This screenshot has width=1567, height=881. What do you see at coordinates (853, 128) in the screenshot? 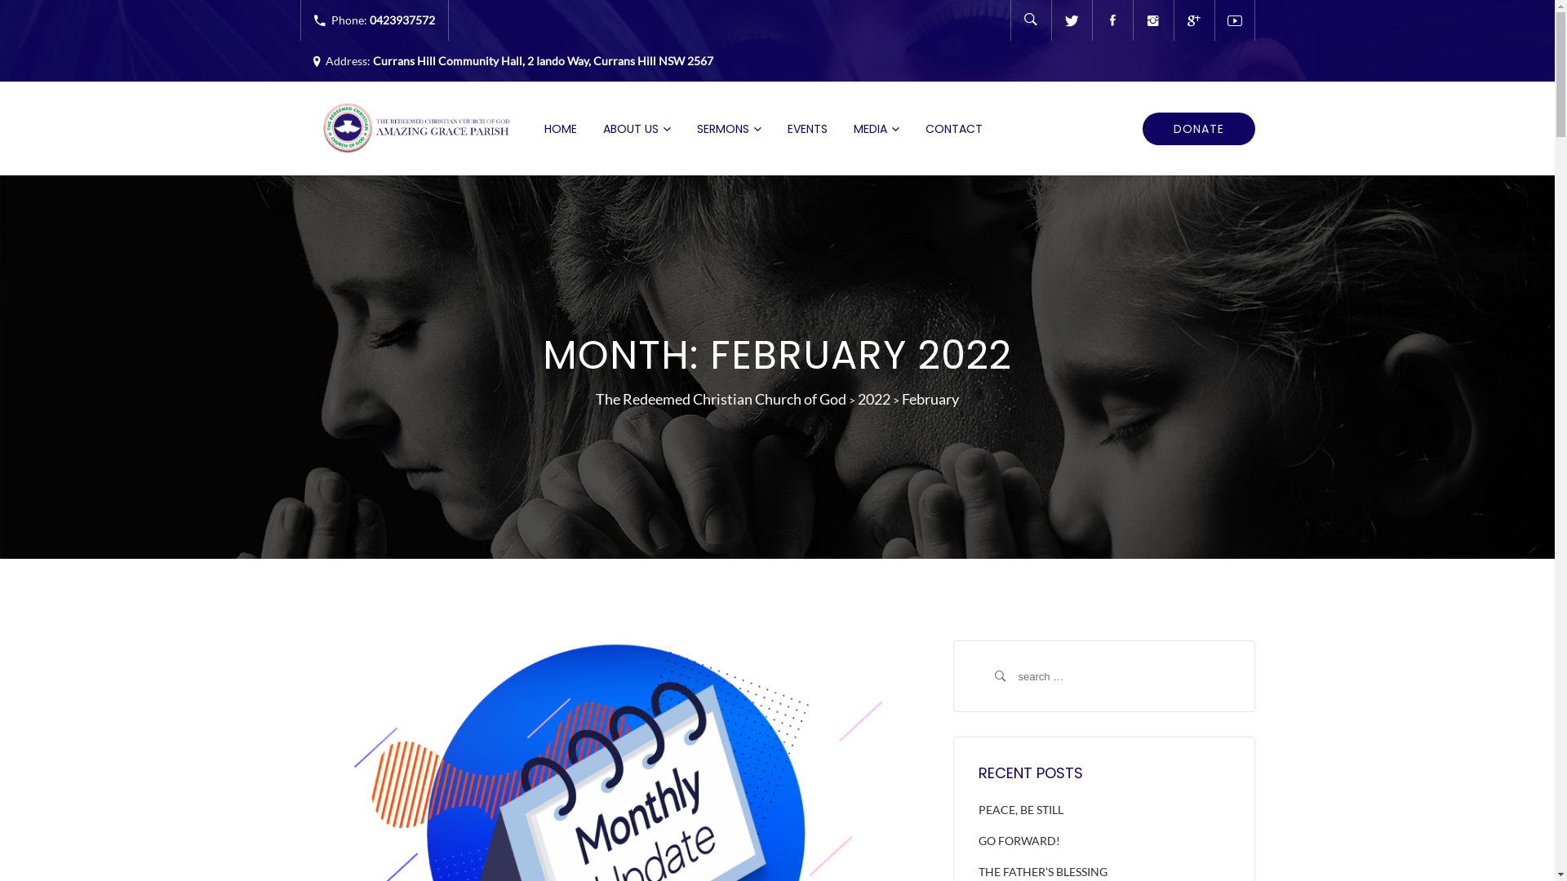
I see `'MEDIA'` at bounding box center [853, 128].